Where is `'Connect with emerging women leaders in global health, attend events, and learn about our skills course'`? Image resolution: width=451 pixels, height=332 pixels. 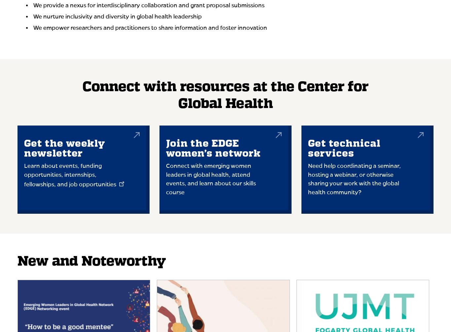
'Connect with emerging women leaders in global health, attend events, and learn about our skills course' is located at coordinates (210, 179).